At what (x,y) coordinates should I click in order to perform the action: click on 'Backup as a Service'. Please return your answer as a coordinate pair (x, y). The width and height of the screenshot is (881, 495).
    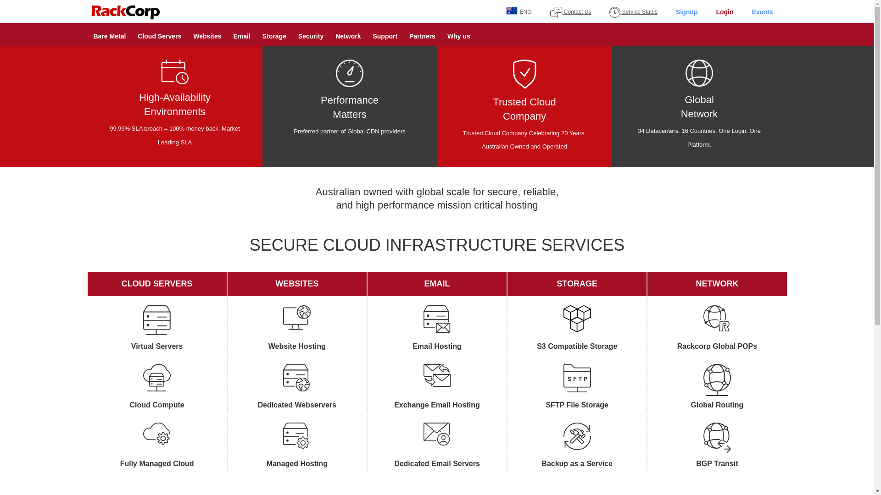
    Looking at the image, I should click on (576, 445).